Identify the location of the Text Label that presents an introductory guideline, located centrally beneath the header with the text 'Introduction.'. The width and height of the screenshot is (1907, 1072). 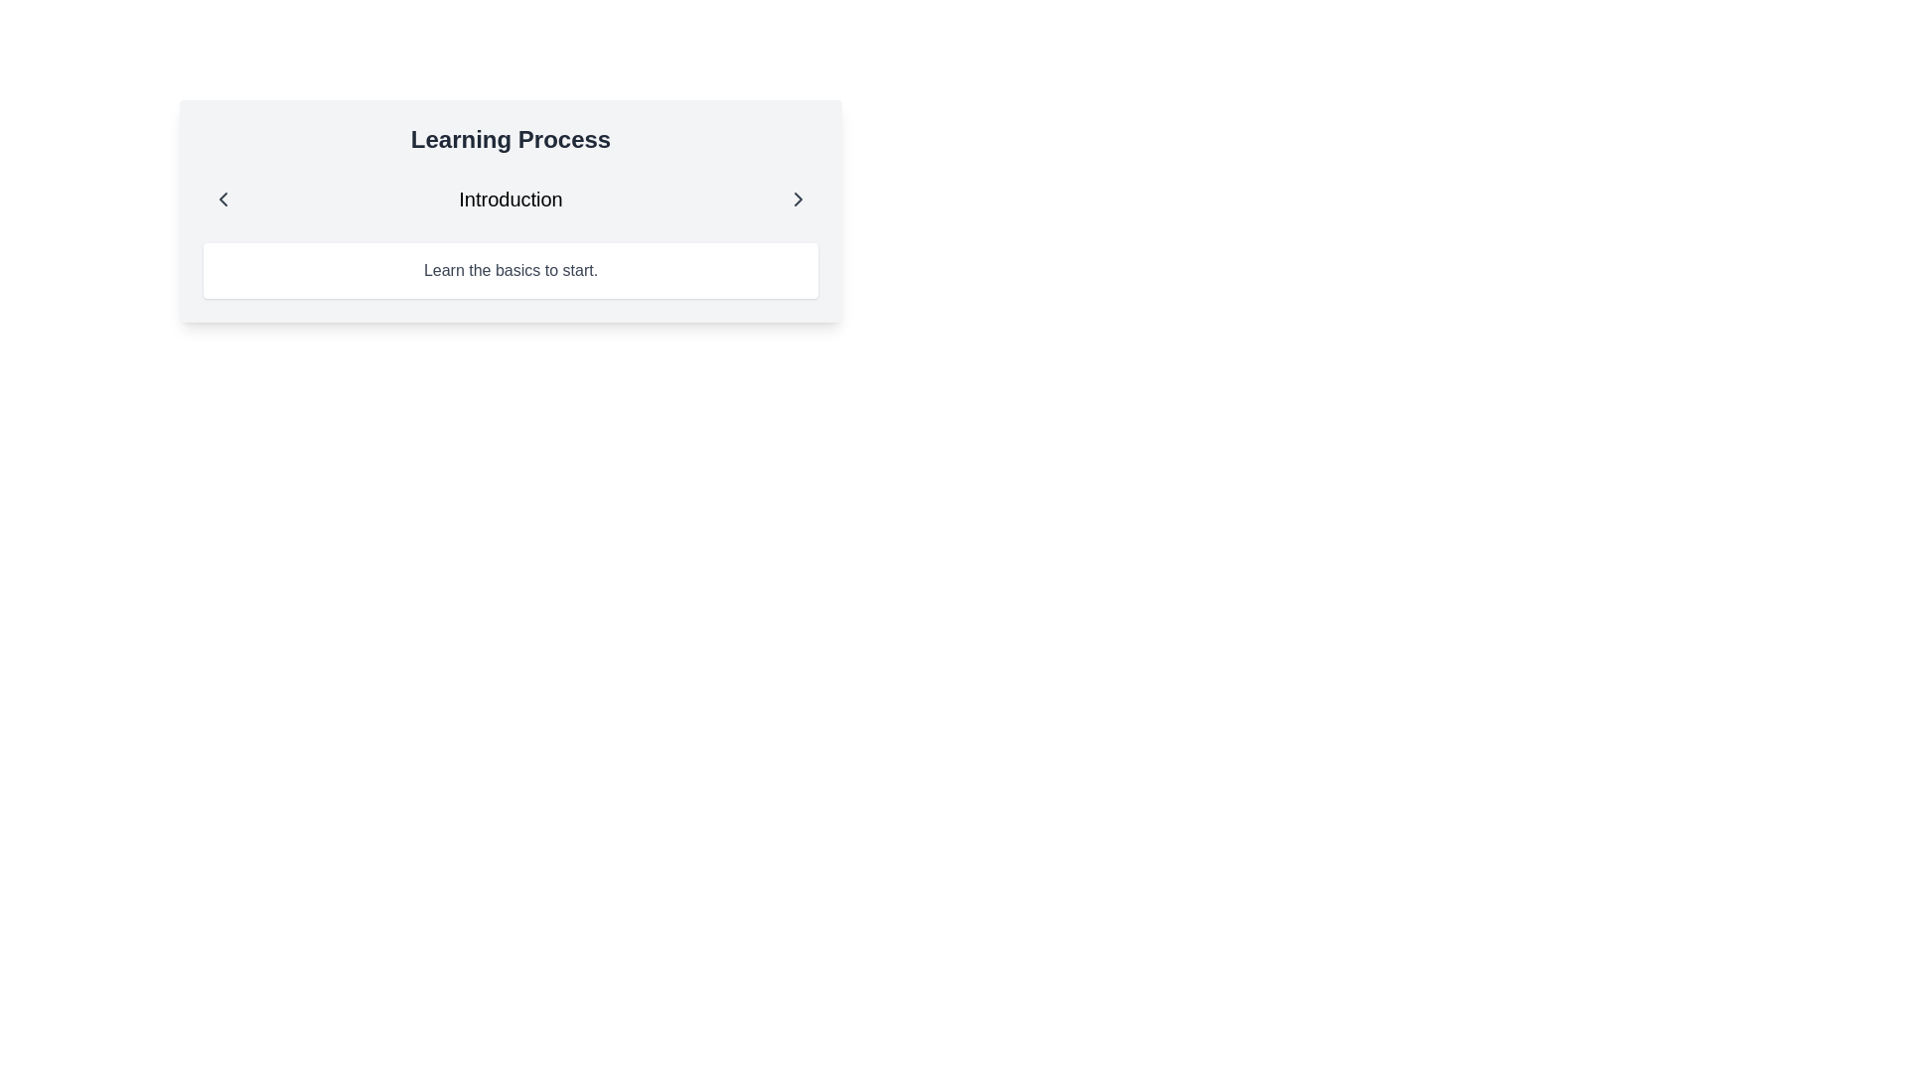
(511, 271).